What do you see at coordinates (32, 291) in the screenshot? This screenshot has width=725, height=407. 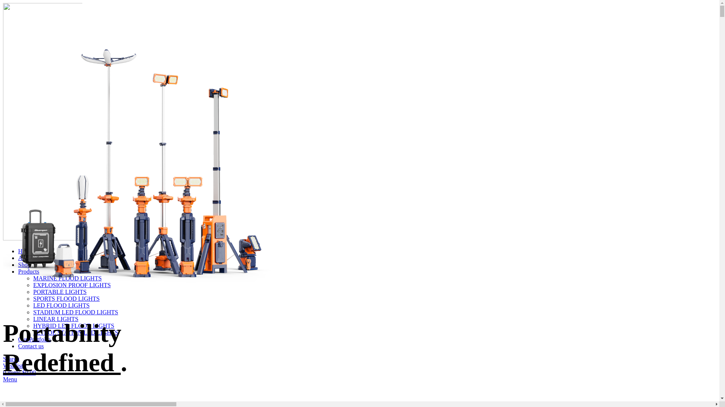 I see `'PORTABLE LIGHTS'` at bounding box center [32, 291].